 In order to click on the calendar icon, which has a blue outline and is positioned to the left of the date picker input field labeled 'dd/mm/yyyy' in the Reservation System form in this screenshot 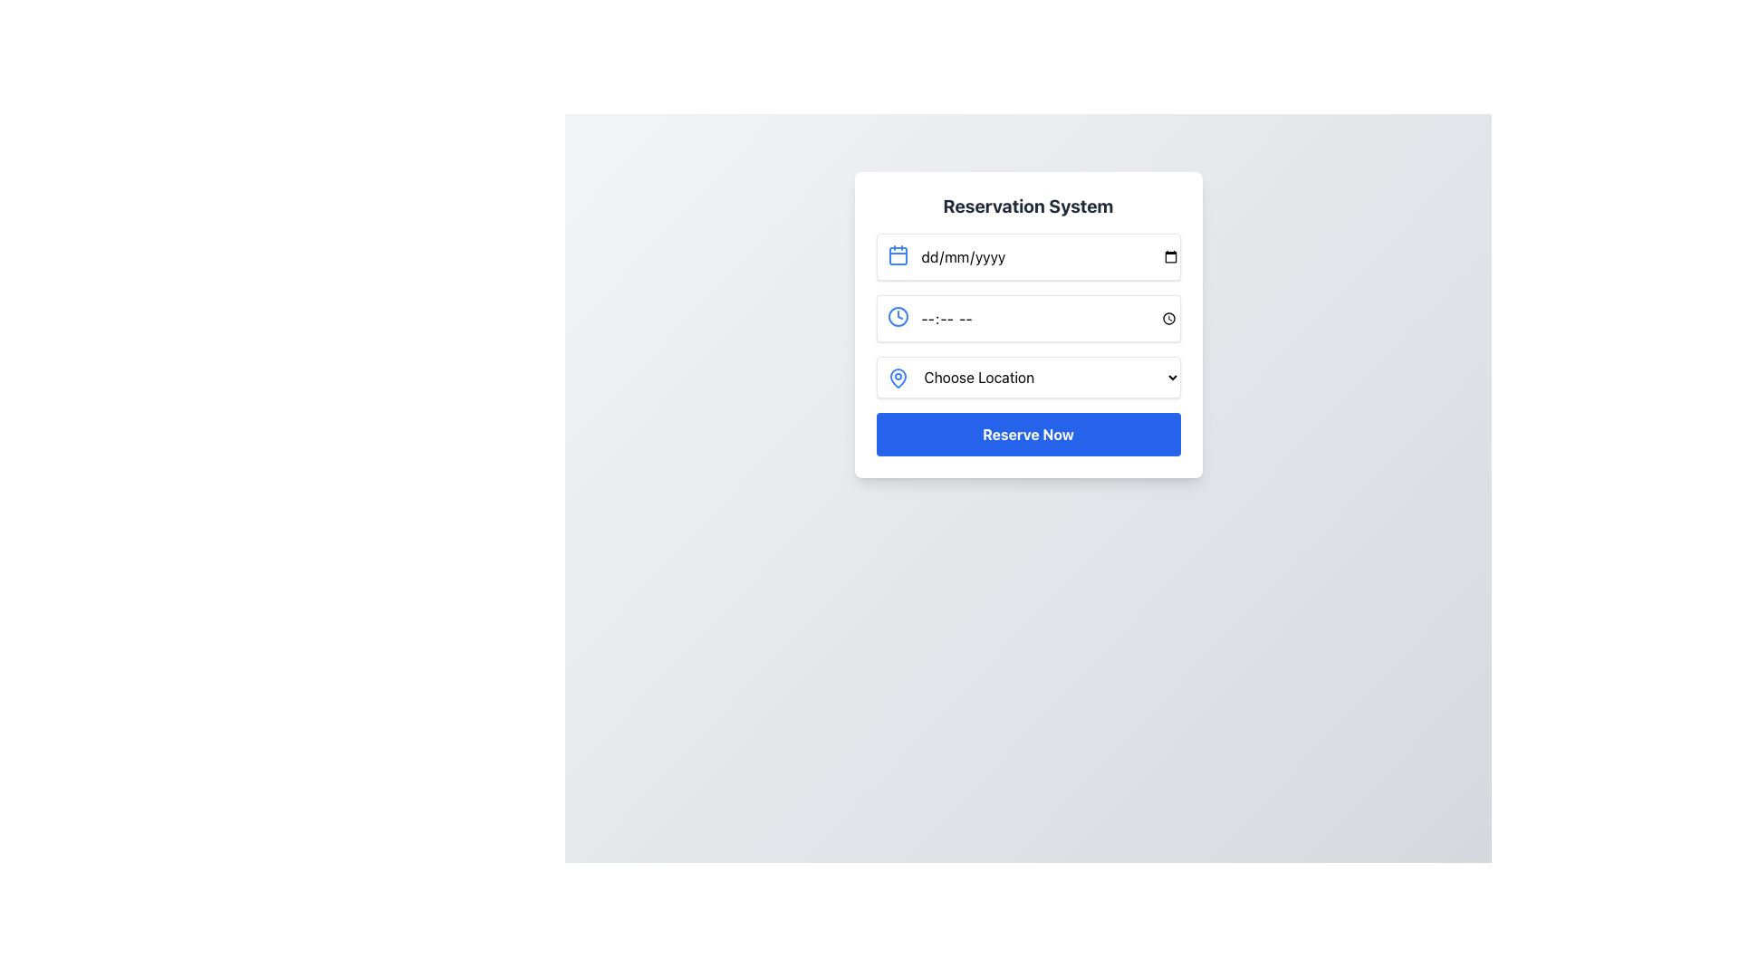, I will do `click(898, 254)`.